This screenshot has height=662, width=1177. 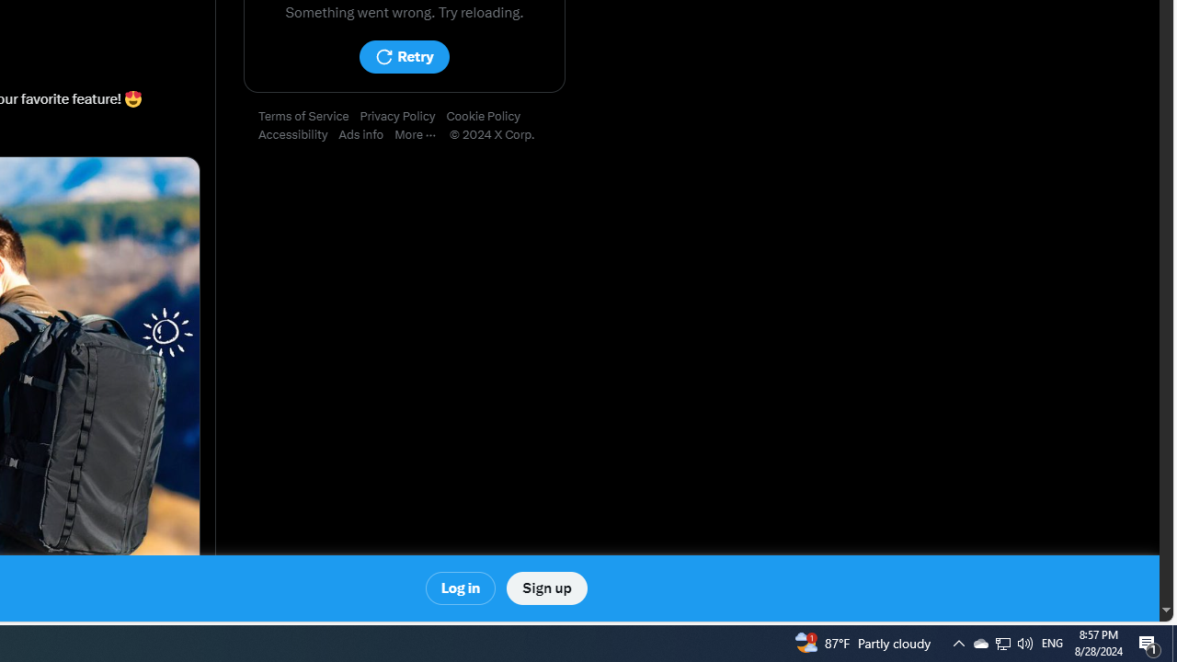 What do you see at coordinates (309, 117) in the screenshot?
I see `'Terms of Service'` at bounding box center [309, 117].